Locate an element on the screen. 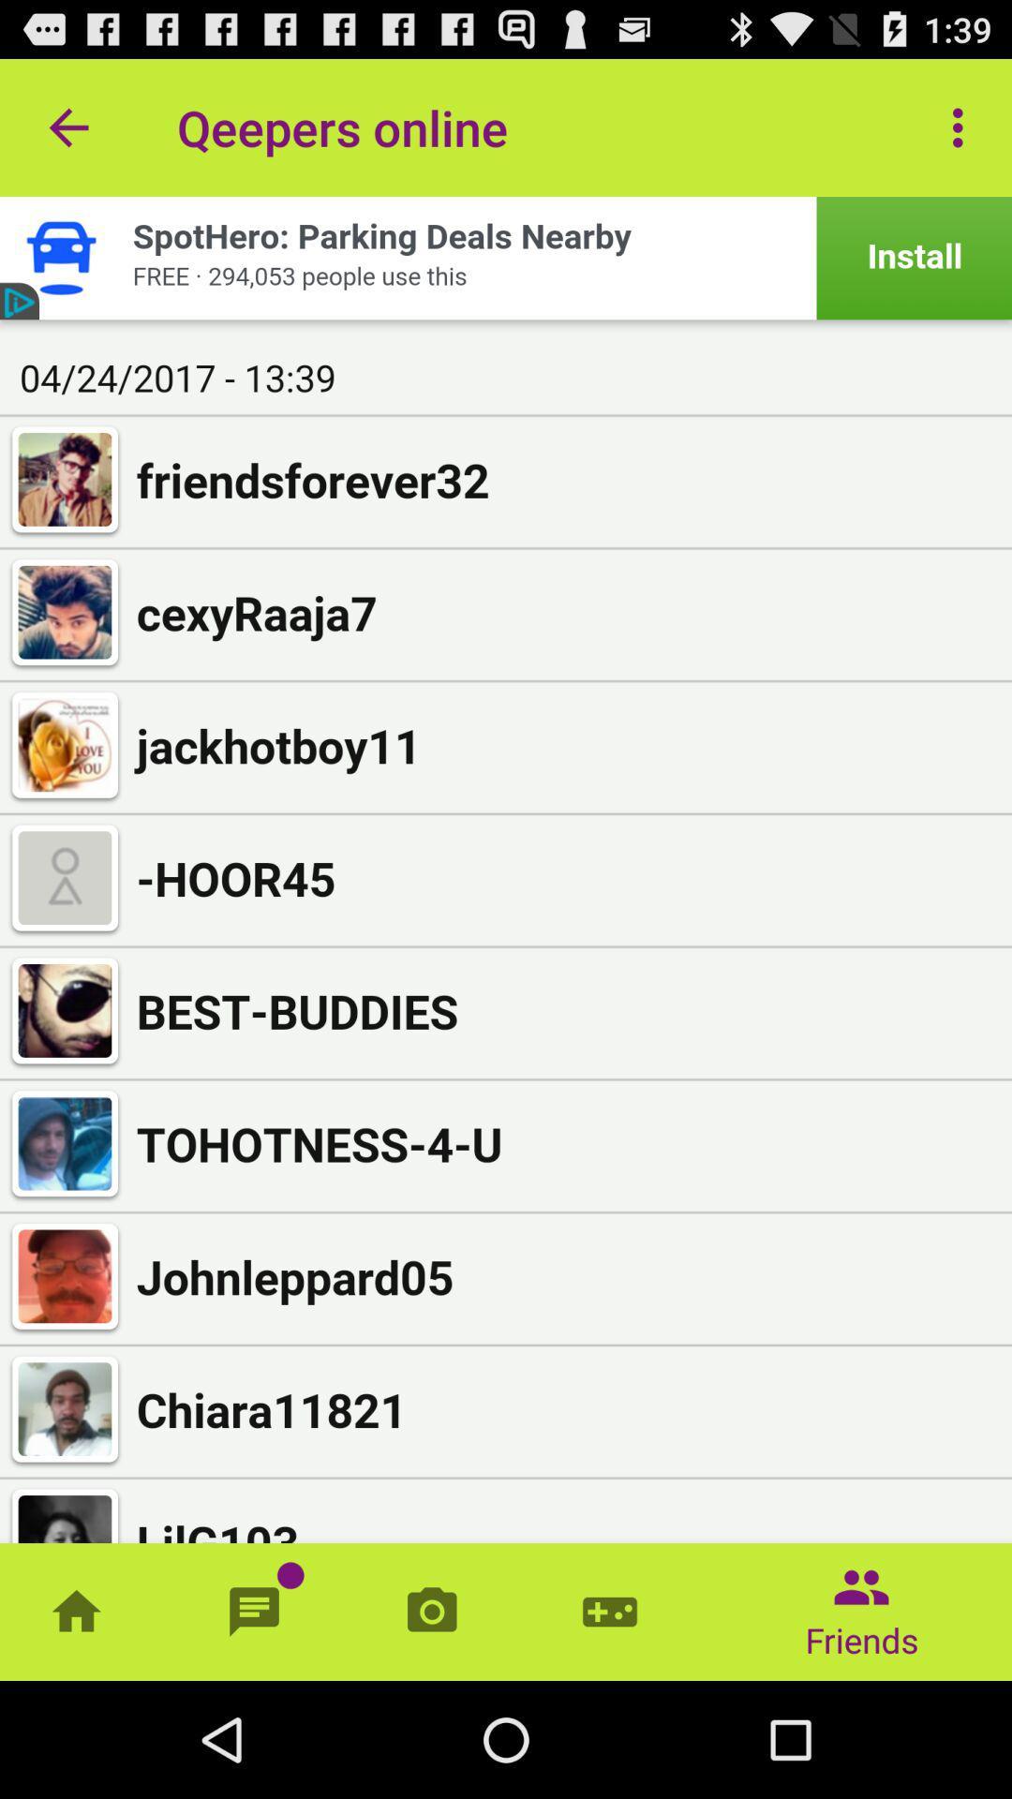 The height and width of the screenshot is (1799, 1012). the add link is located at coordinates (506, 257).